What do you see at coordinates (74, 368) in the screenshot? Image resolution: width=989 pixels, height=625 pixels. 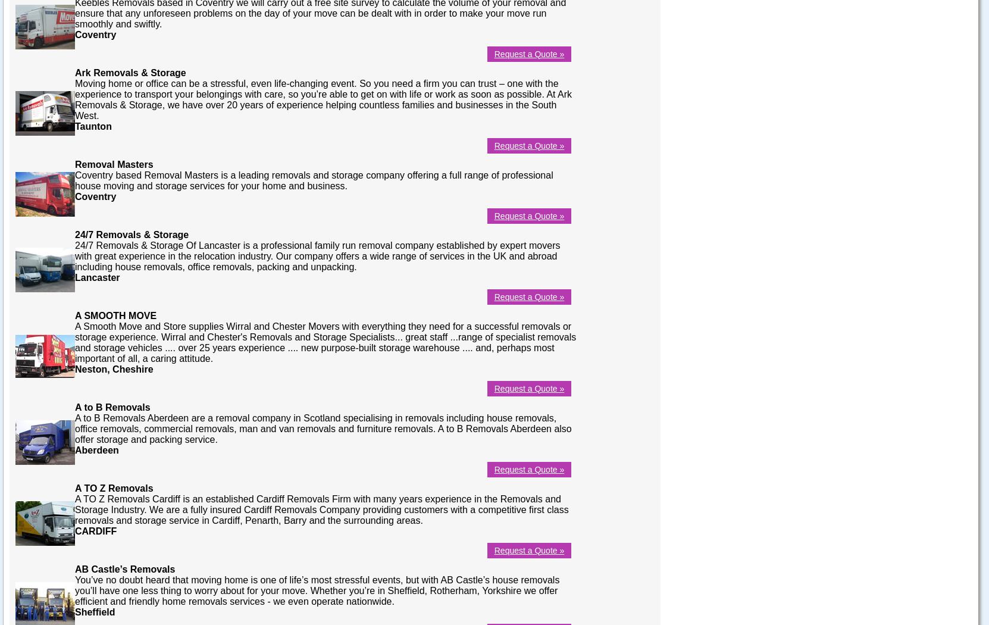 I see `'Neston, Cheshire'` at bounding box center [74, 368].